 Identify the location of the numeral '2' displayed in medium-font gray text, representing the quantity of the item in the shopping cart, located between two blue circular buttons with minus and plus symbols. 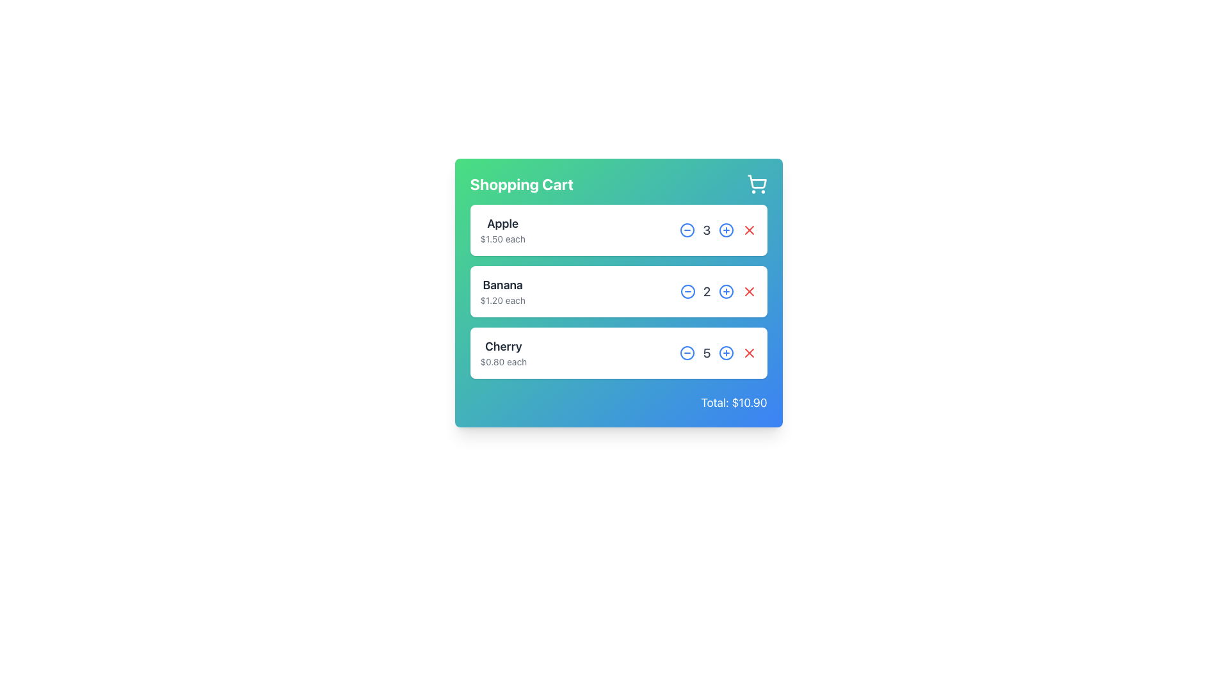
(718, 291).